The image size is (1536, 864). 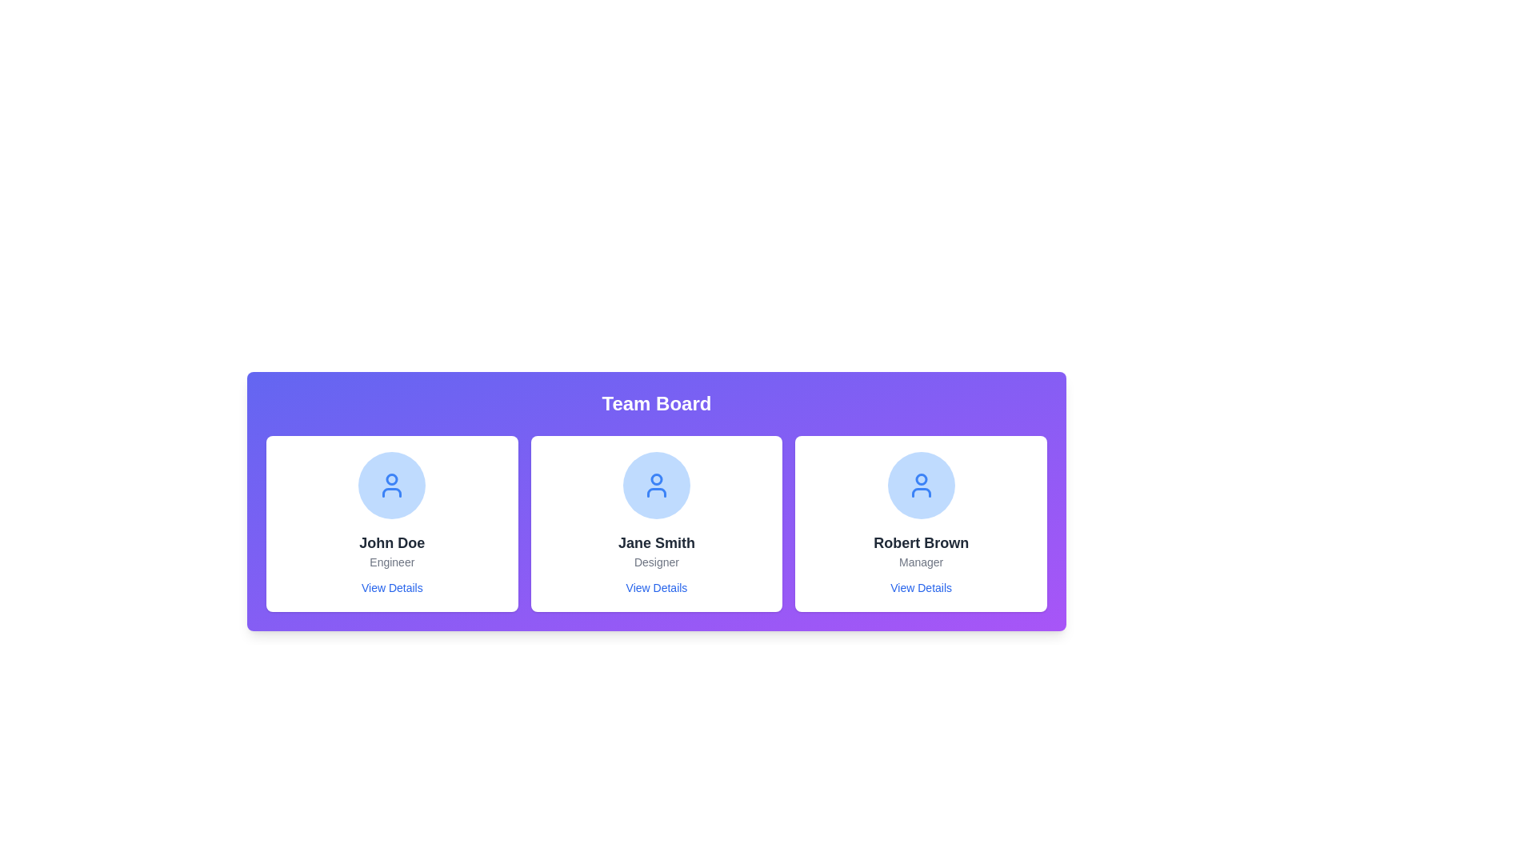 I want to click on the blue user icon shaped like a simplistic human figure, located in the leftmost card of the Team Board component, so click(x=392, y=484).